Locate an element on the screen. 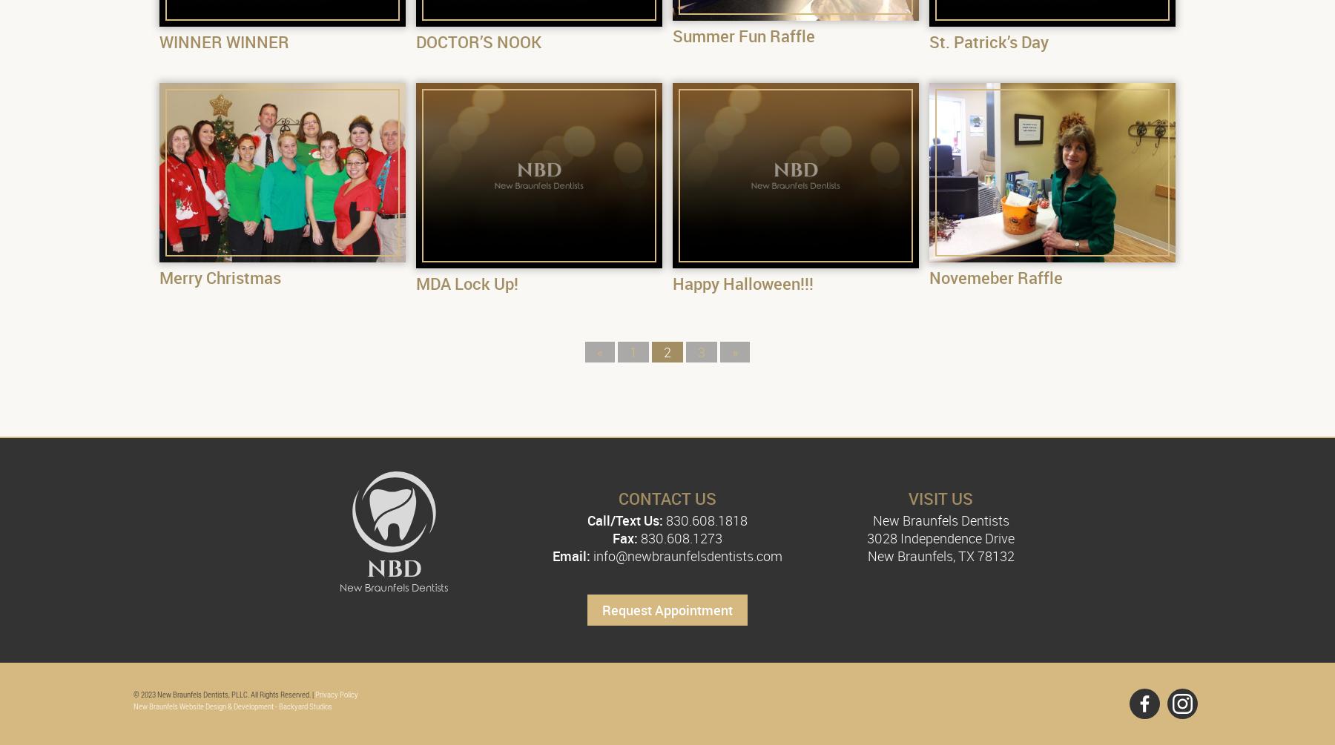 The width and height of the screenshot is (1335, 745). 'info@newbraunfelsdentists.com' is located at coordinates (686, 556).